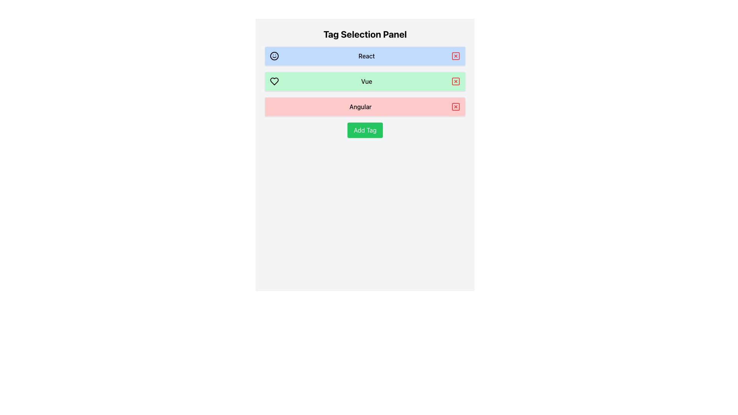 This screenshot has height=415, width=738. I want to click on the text label displaying 'Angular' in the Tag Selection Panel, so click(360, 106).